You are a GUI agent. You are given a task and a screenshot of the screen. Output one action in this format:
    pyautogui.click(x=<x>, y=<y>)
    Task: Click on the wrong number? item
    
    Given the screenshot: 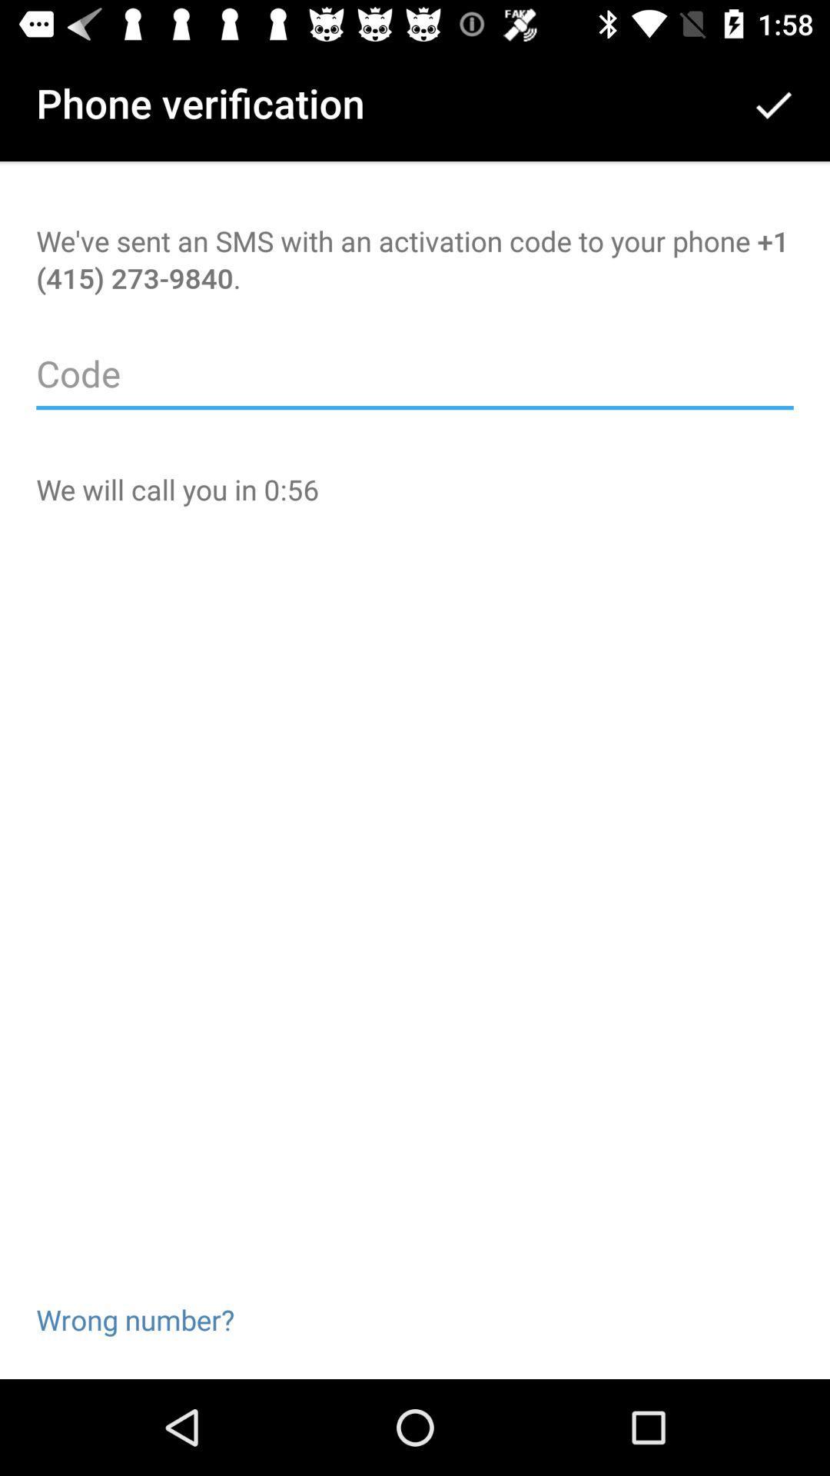 What is the action you would take?
    pyautogui.click(x=134, y=1295)
    